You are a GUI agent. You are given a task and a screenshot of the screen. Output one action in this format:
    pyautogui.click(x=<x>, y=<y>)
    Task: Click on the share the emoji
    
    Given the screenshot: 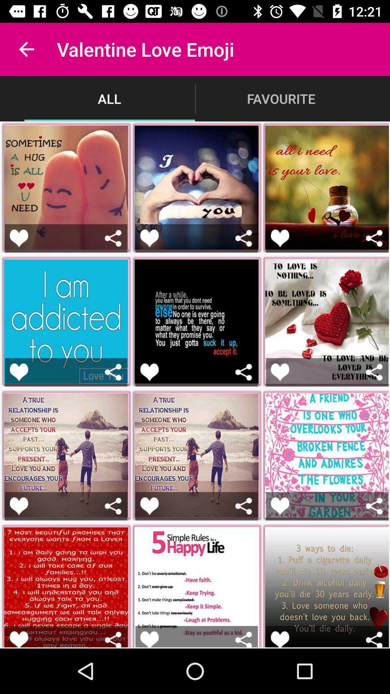 What is the action you would take?
    pyautogui.click(x=113, y=238)
    